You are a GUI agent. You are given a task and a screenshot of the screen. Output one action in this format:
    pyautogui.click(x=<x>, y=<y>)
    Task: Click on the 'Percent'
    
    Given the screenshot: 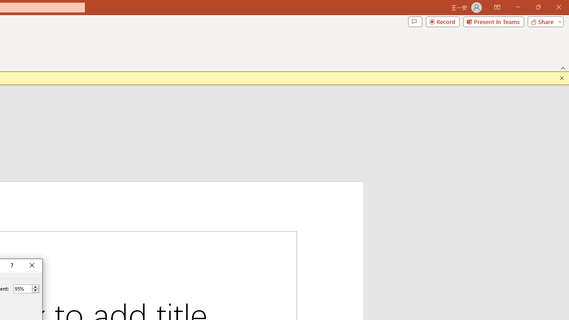 What is the action you would take?
    pyautogui.click(x=26, y=289)
    